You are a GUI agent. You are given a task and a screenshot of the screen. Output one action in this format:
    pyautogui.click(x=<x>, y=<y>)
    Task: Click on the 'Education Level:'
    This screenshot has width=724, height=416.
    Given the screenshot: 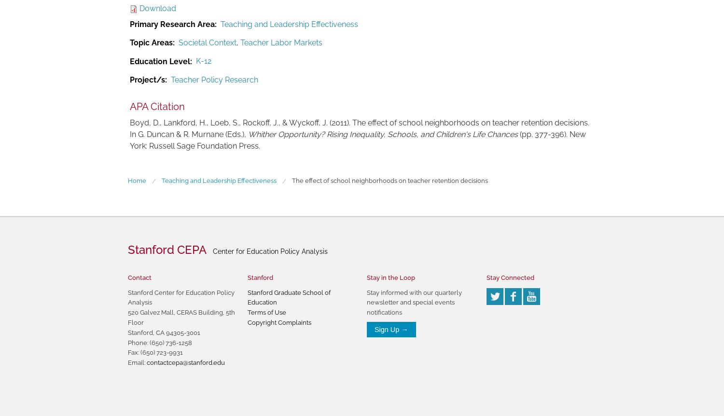 What is the action you would take?
    pyautogui.click(x=160, y=60)
    